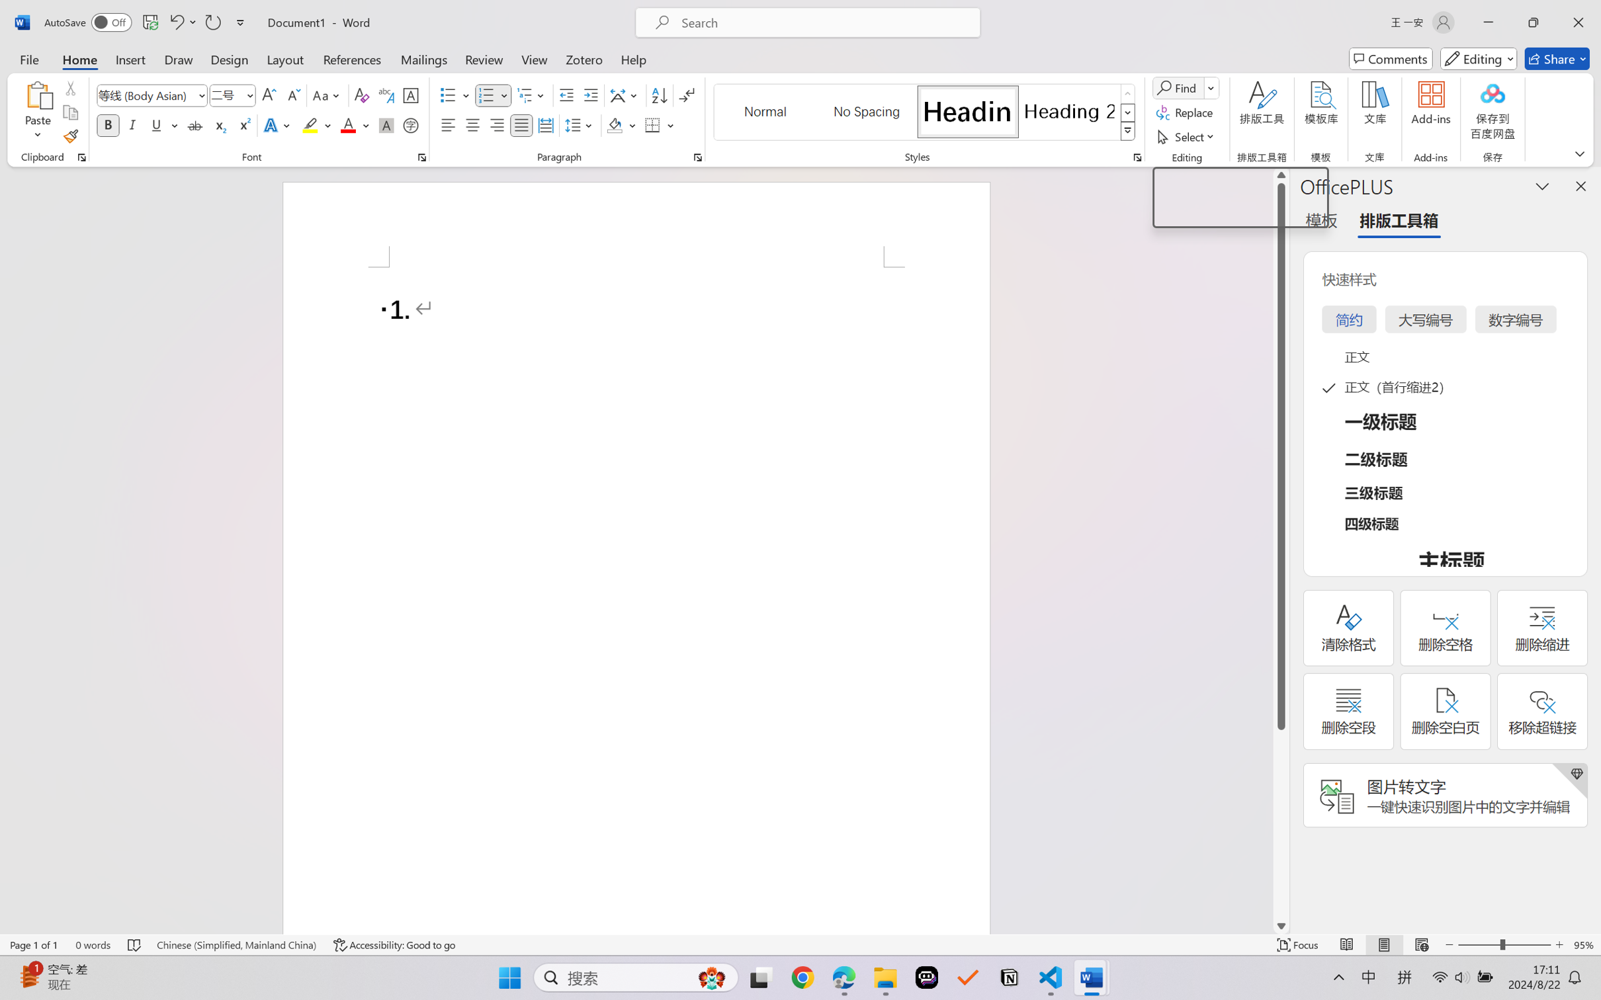 The height and width of the screenshot is (1000, 1601). What do you see at coordinates (212, 22) in the screenshot?
I see `'Repeat Doc Close'` at bounding box center [212, 22].